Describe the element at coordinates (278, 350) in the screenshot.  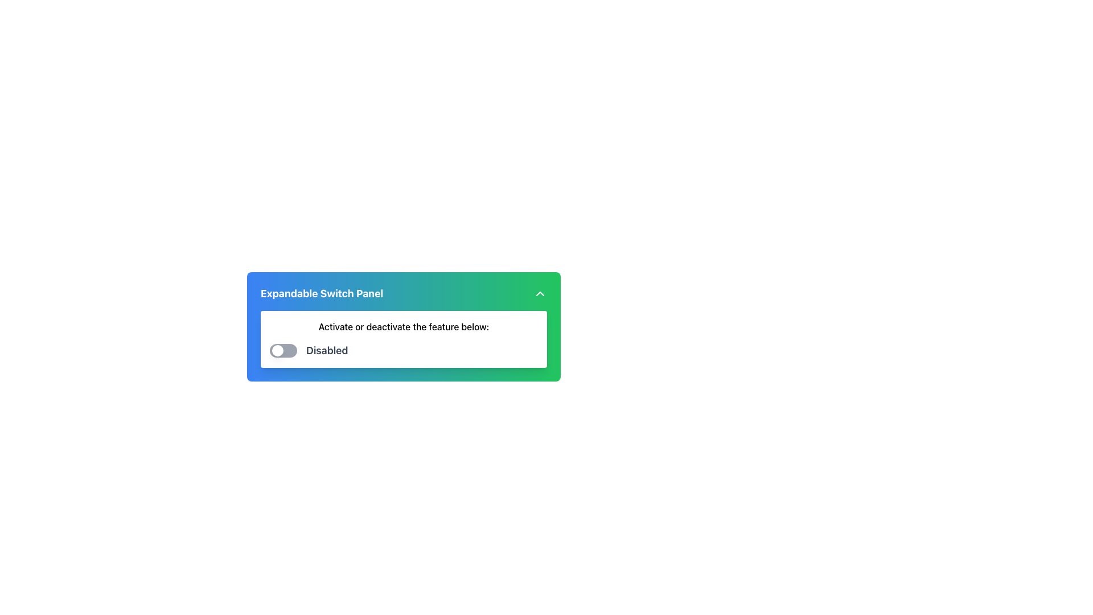
I see `the left circular handle of the toggle switch` at that location.